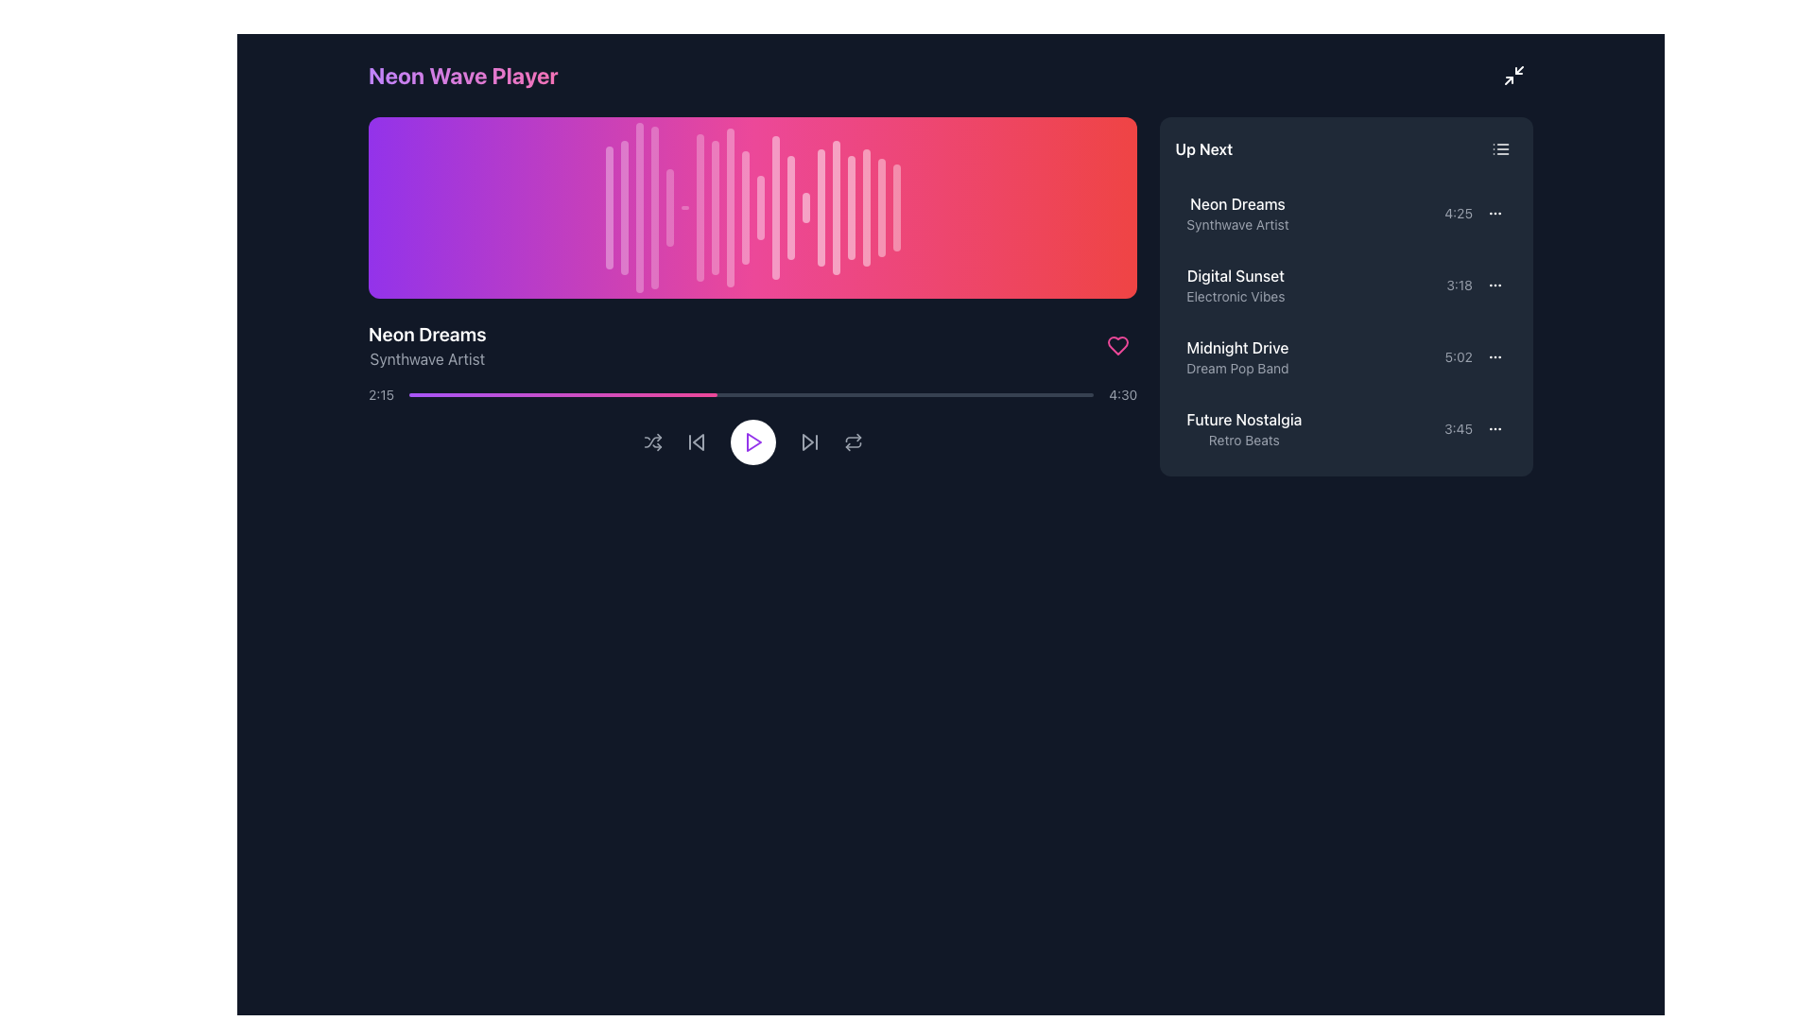 This screenshot has height=1021, width=1815. Describe the element at coordinates (1237, 204) in the screenshot. I see `text 'Neon Dreams' located in the 'Up Next' section of the music player interface, positioned above the subtitle 'Synthwave Artist'` at that location.